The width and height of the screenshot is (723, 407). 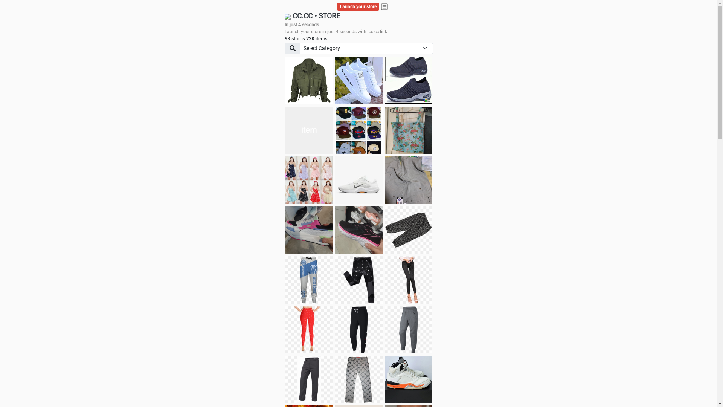 What do you see at coordinates (334, 180) in the screenshot?
I see `'Shoes'` at bounding box center [334, 180].